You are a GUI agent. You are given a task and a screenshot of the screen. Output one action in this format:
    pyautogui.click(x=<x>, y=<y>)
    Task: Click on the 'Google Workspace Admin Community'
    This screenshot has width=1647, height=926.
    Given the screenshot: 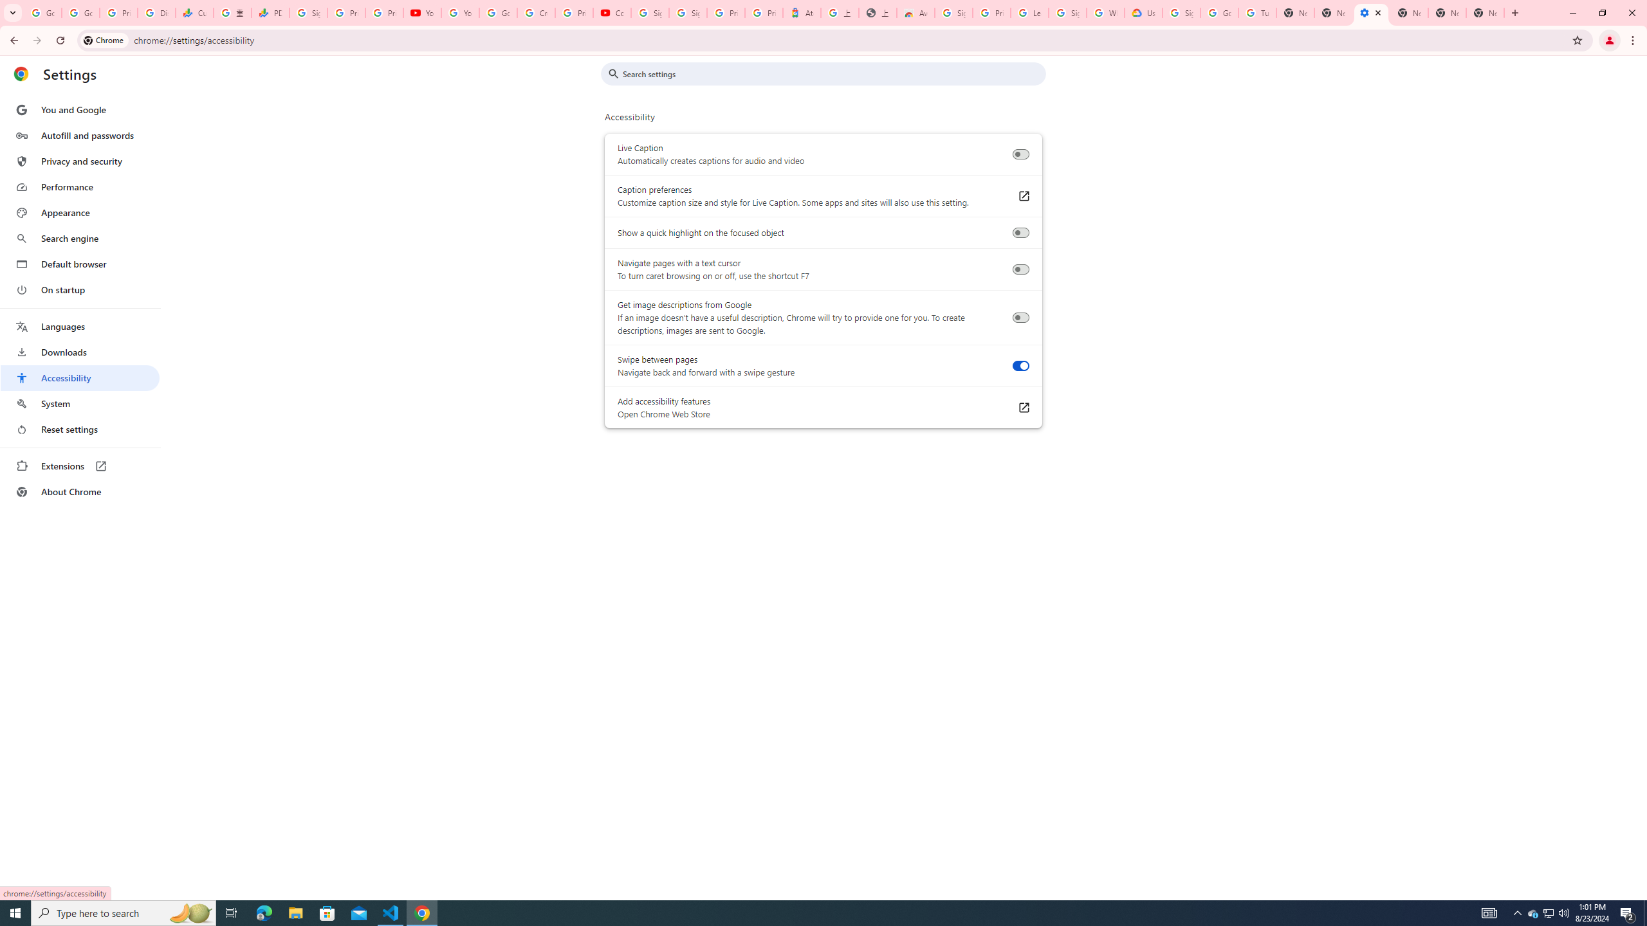 What is the action you would take?
    pyautogui.click(x=42, y=12)
    